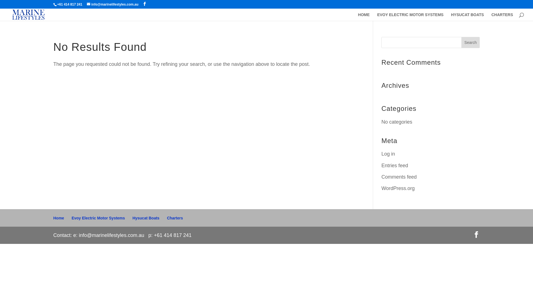 This screenshot has width=533, height=300. I want to click on 'Log in', so click(388, 154).